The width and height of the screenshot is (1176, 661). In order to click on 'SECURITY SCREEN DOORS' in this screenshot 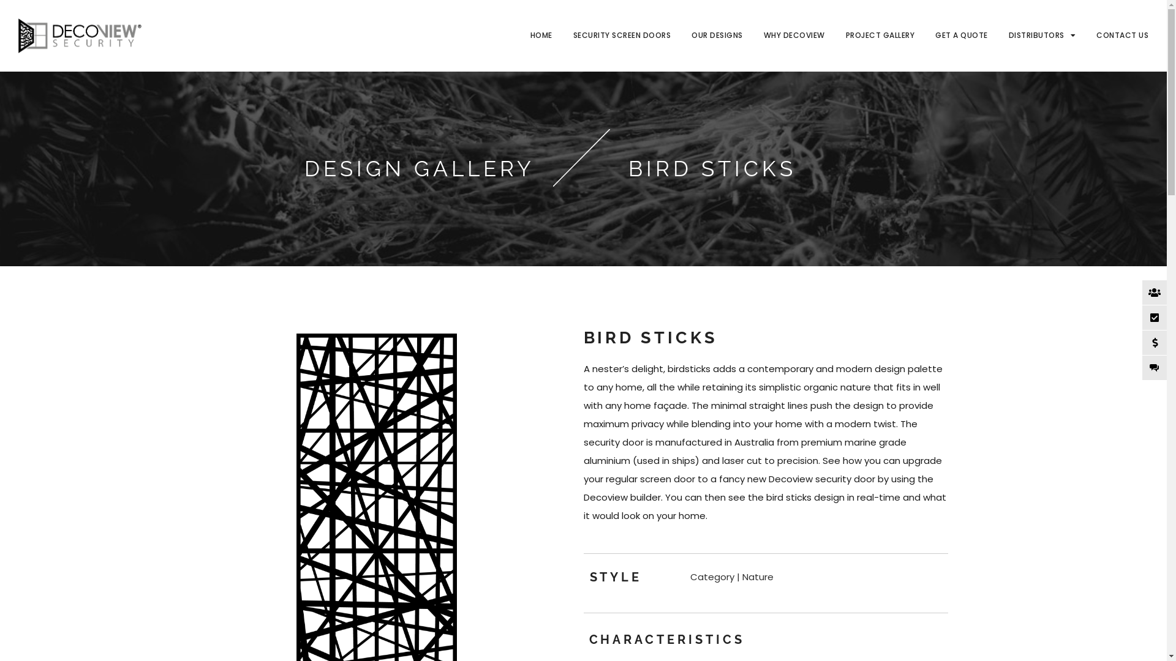, I will do `click(573, 34)`.